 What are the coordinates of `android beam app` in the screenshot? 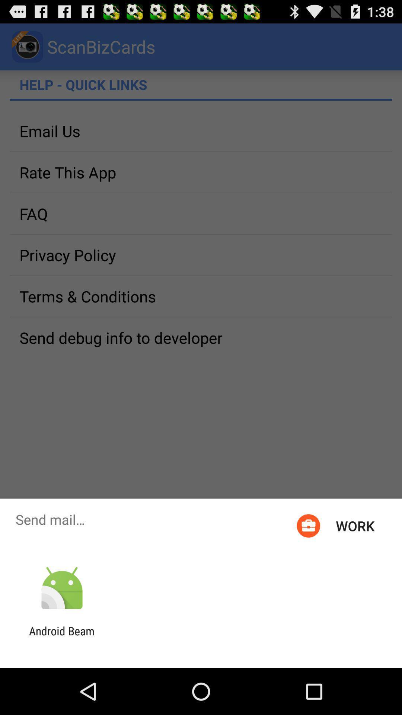 It's located at (61, 637).